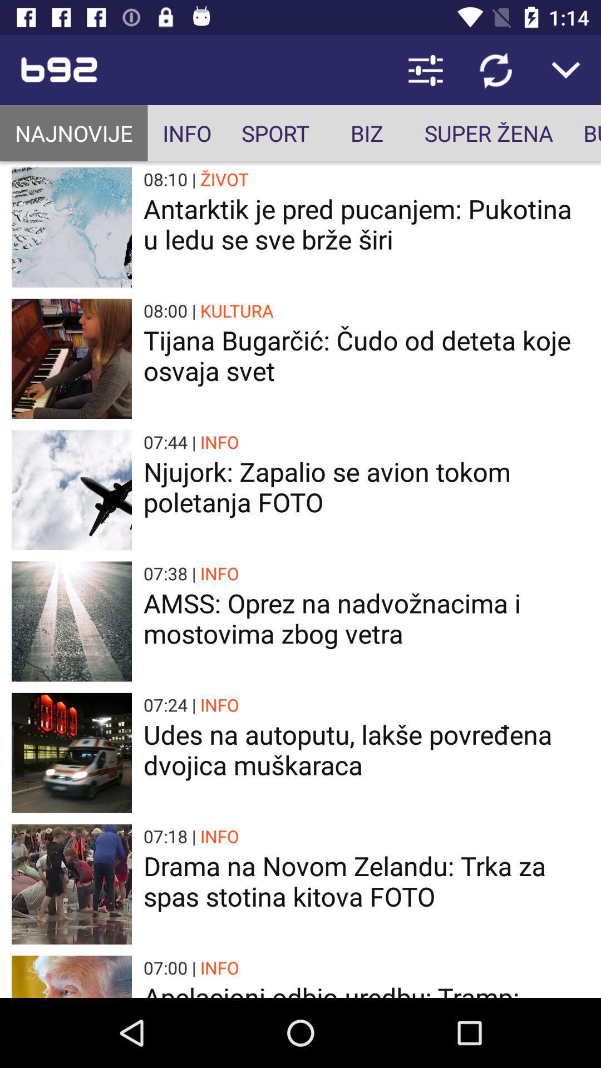 Image resolution: width=601 pixels, height=1068 pixels. What do you see at coordinates (566, 69) in the screenshot?
I see `the expand_more icon` at bounding box center [566, 69].